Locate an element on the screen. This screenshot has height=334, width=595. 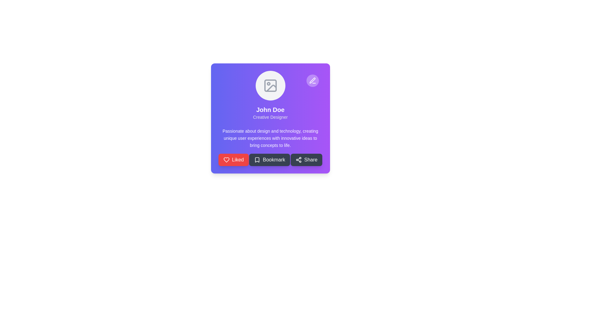
the circular profile image placeholder located at the top-center of the purple rectangular card, which has a gray background and contains a small image icon at its center is located at coordinates (270, 86).